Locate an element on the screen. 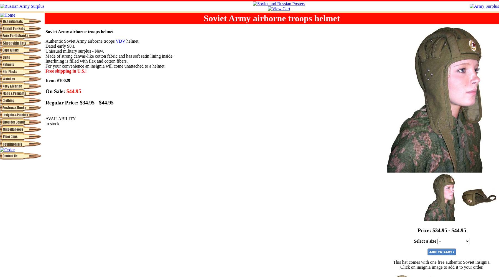 This screenshot has width=499, height=277. 'Interlining is filled with flax and cotton fibers.' is located at coordinates (86, 61).